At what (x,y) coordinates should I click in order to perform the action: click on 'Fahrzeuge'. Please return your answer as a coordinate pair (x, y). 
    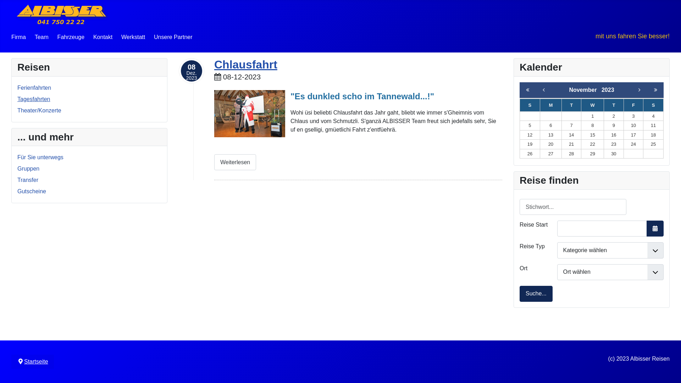
    Looking at the image, I should click on (71, 37).